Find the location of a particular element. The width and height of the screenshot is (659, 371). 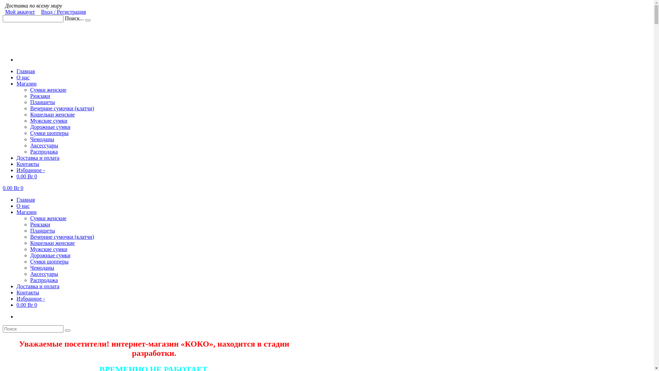

'0.00 Br 0' is located at coordinates (26, 176).